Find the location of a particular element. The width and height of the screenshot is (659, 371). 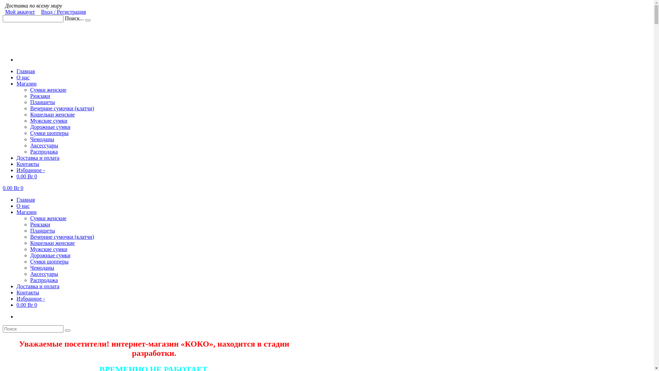

'0.00 Br 0' is located at coordinates (26, 176).